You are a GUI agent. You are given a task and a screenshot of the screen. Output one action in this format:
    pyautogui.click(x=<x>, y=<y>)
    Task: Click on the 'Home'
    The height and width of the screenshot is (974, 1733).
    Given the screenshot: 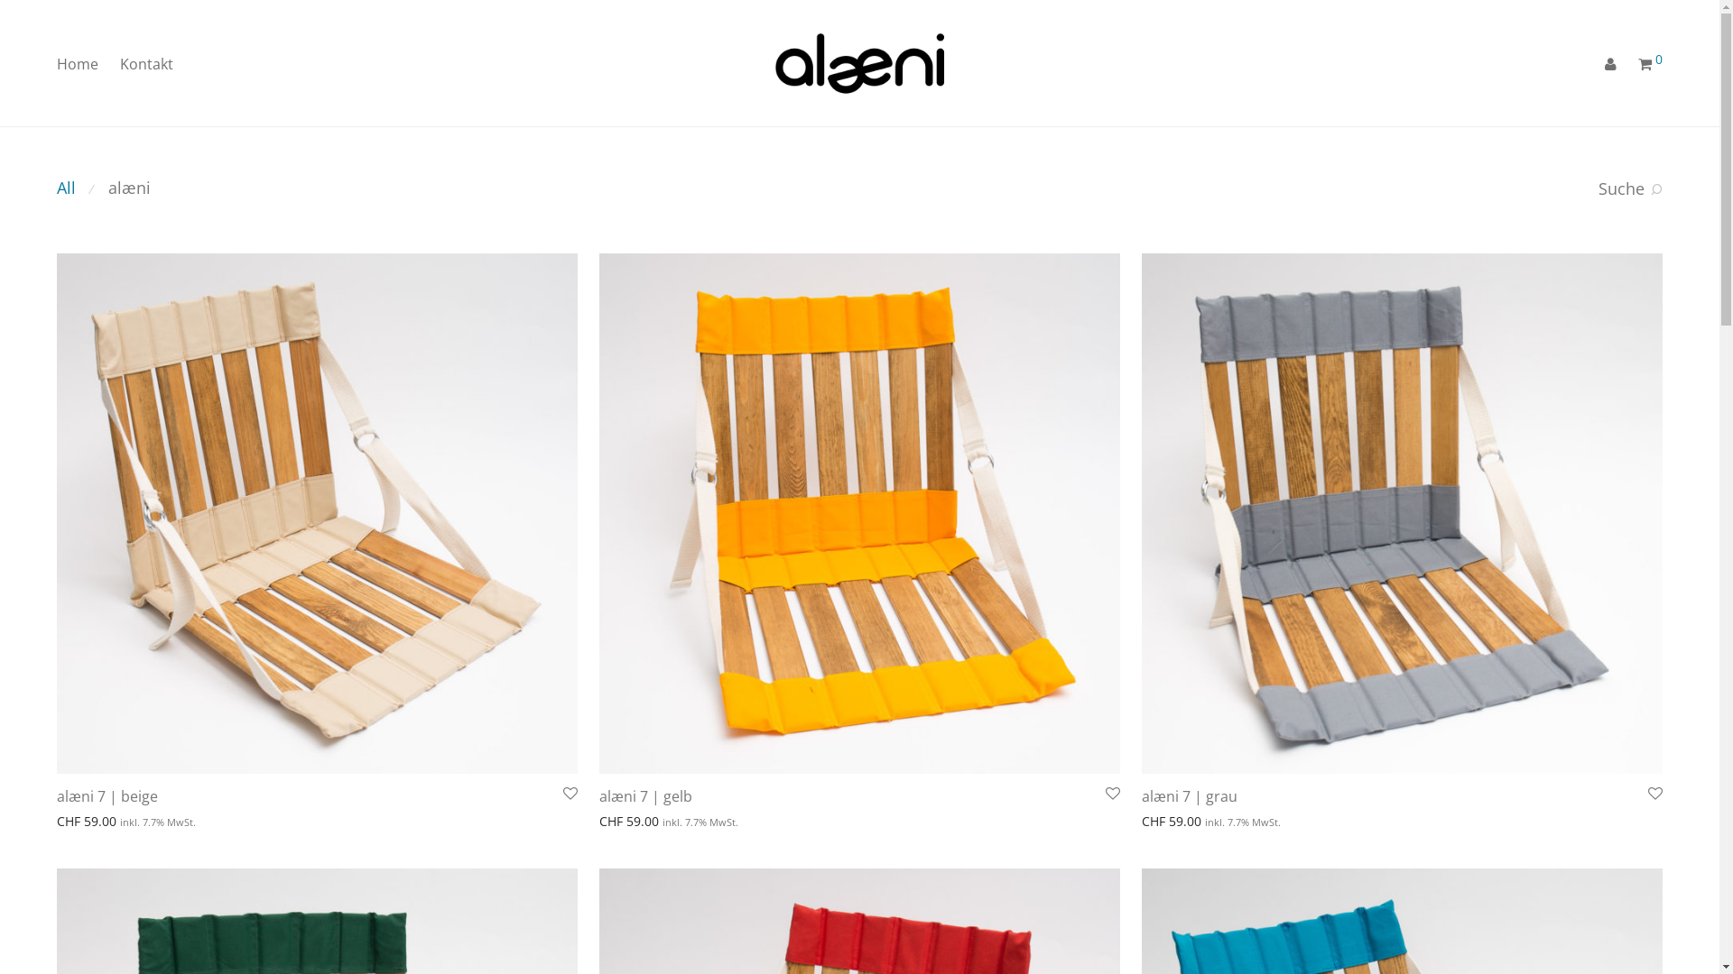 What is the action you would take?
    pyautogui.click(x=77, y=62)
    